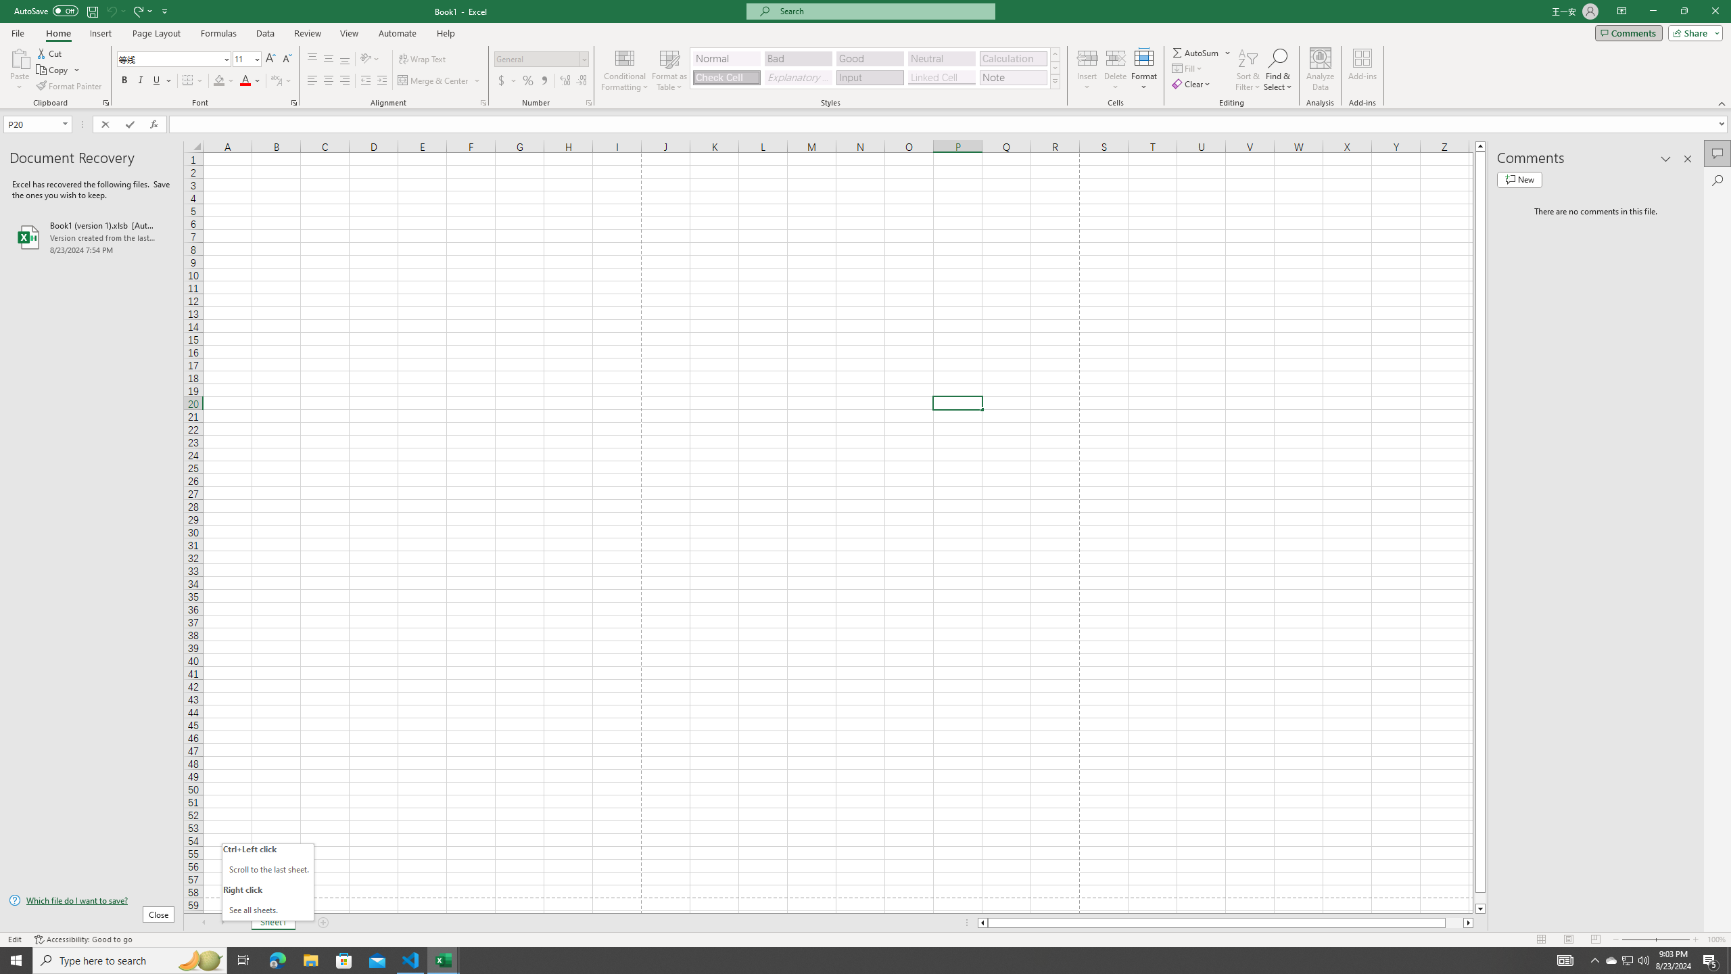 This screenshot has height=974, width=1731. Describe the element at coordinates (250, 80) in the screenshot. I see `'Font Color'` at that location.